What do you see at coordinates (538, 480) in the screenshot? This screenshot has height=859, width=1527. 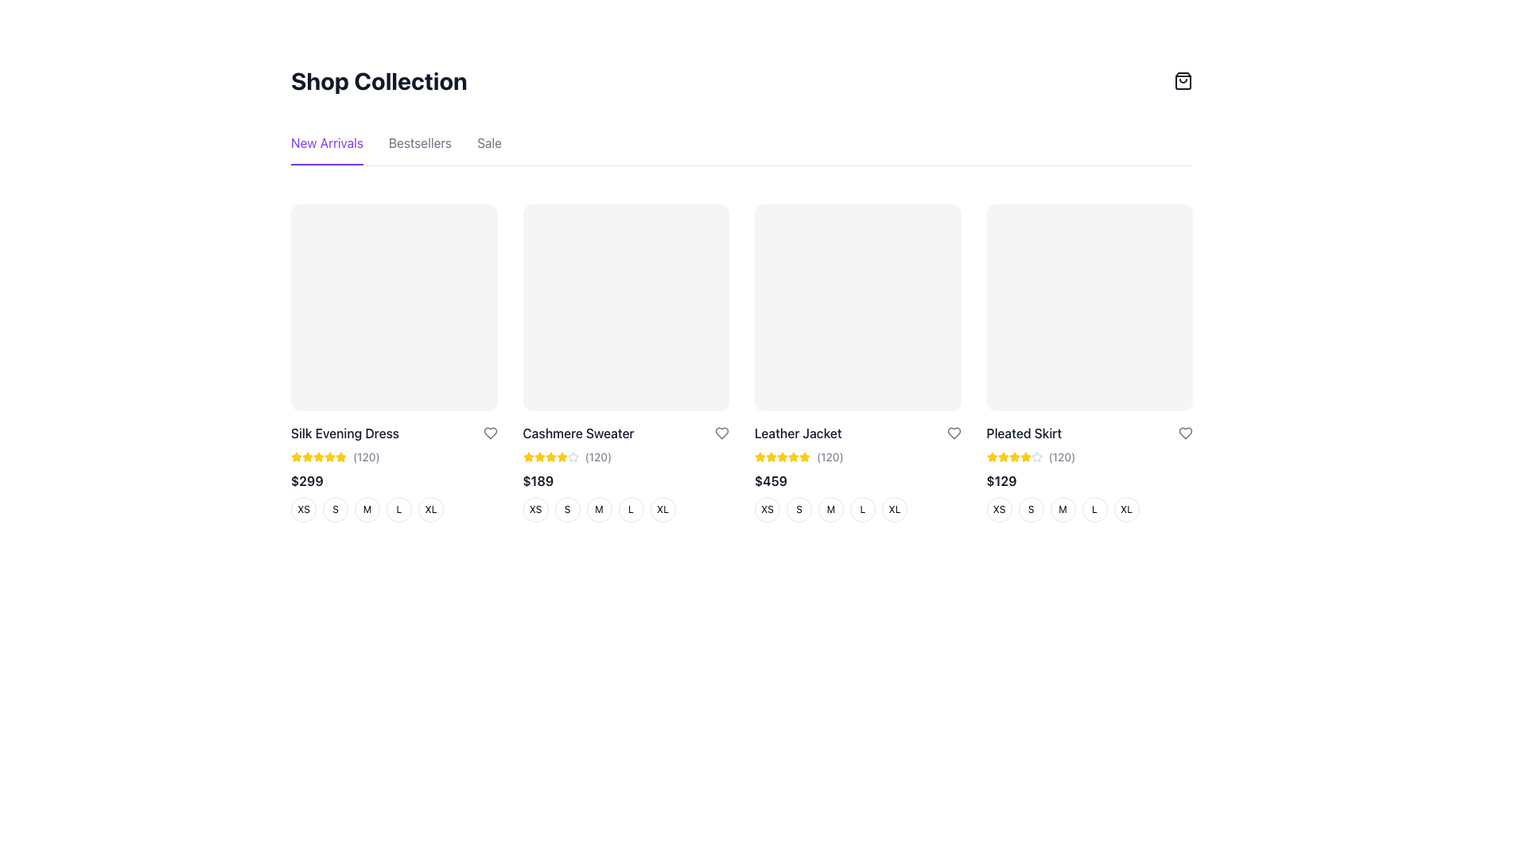 I see `the price label indicating the cost of the 'Cashmere Sweater' in the 'Shop Collection' section, located in the second column of the product grid` at bounding box center [538, 480].